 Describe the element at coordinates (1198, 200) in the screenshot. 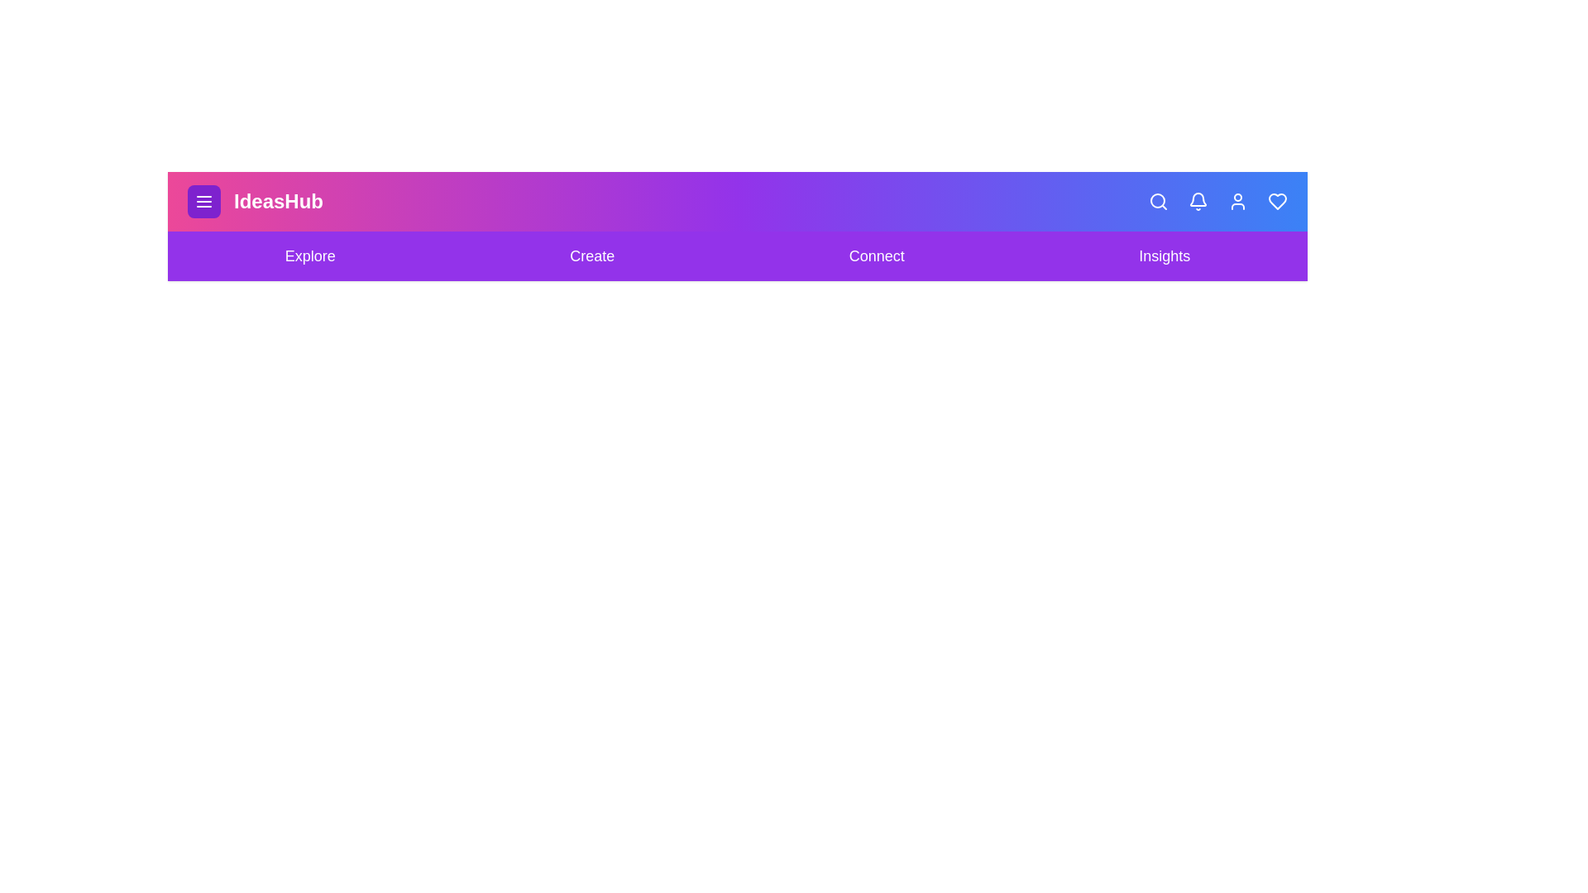

I see `the Bell icon in the app bar` at that location.